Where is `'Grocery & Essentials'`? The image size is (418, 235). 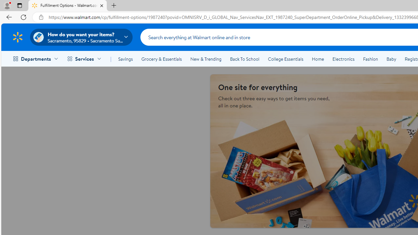
'Grocery & Essentials' is located at coordinates (161, 59).